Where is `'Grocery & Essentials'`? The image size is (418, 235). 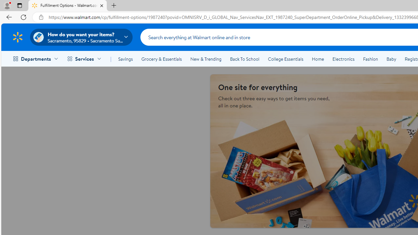
'Grocery & Essentials' is located at coordinates (161, 59).